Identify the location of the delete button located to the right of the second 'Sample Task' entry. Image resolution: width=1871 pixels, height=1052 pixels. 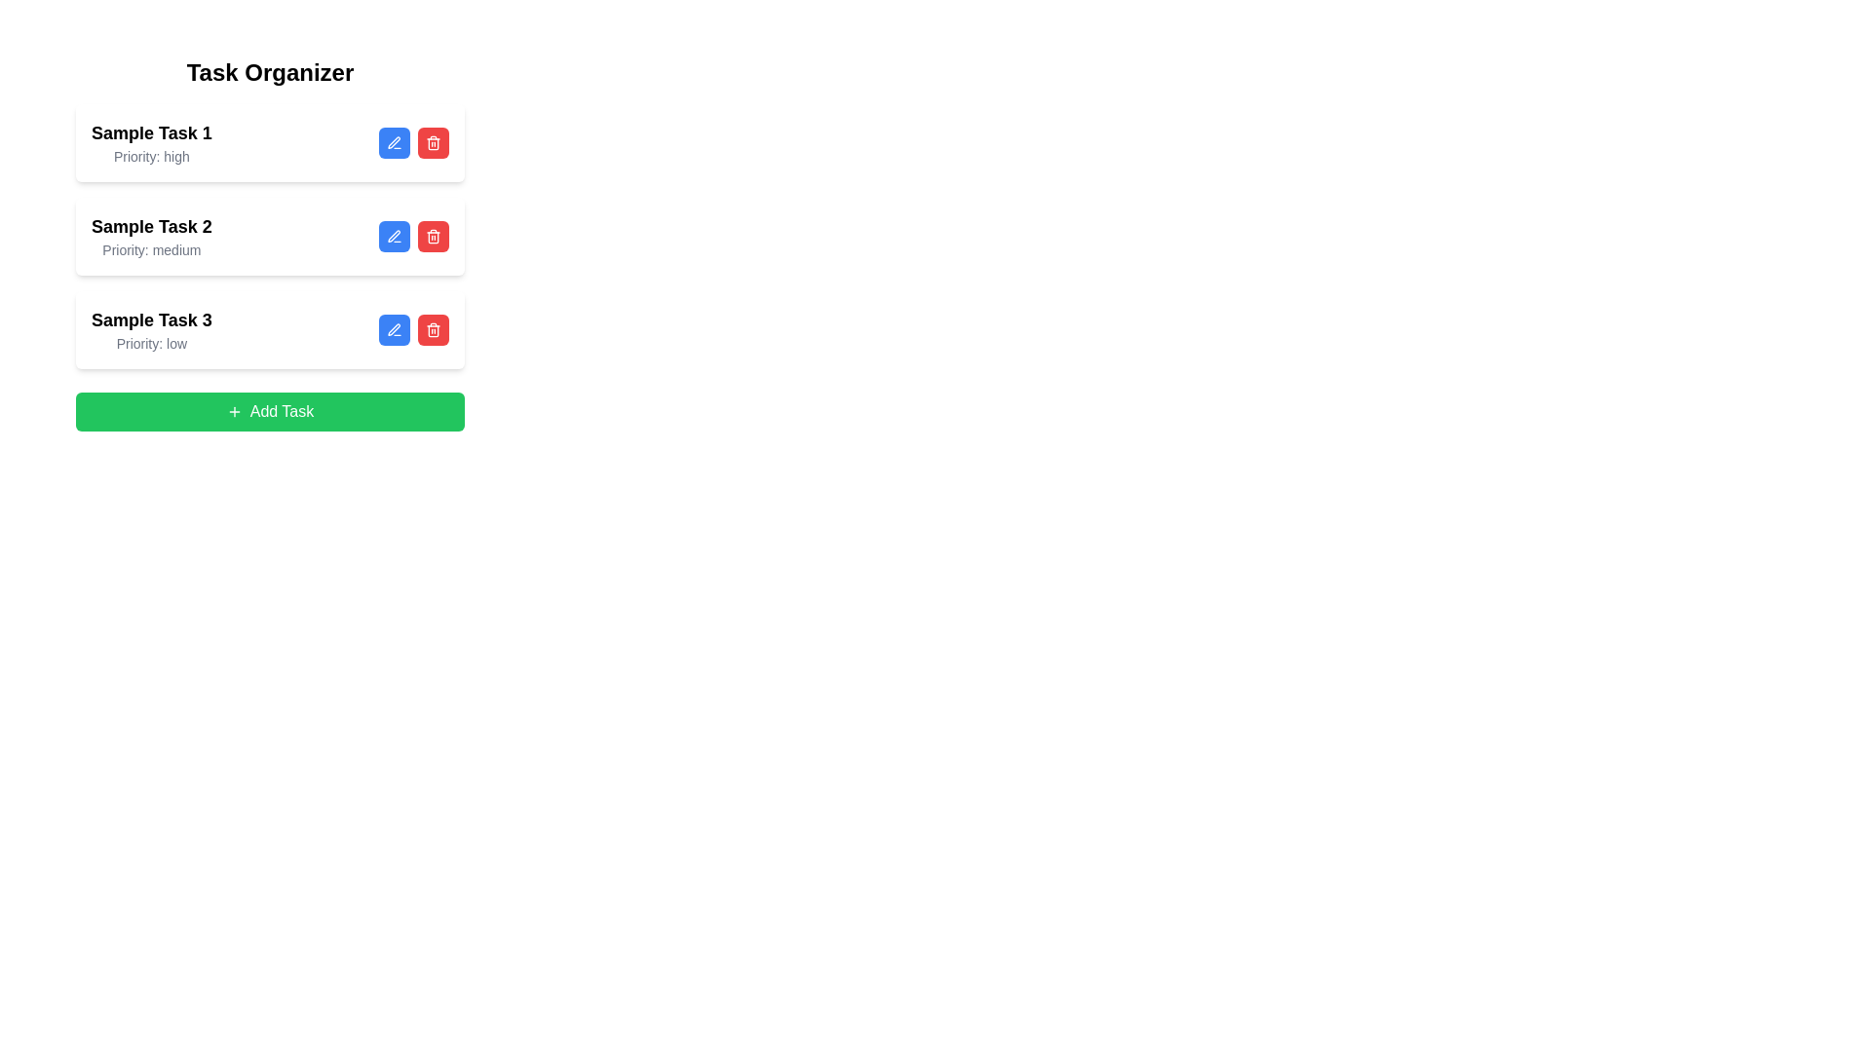
(433, 329).